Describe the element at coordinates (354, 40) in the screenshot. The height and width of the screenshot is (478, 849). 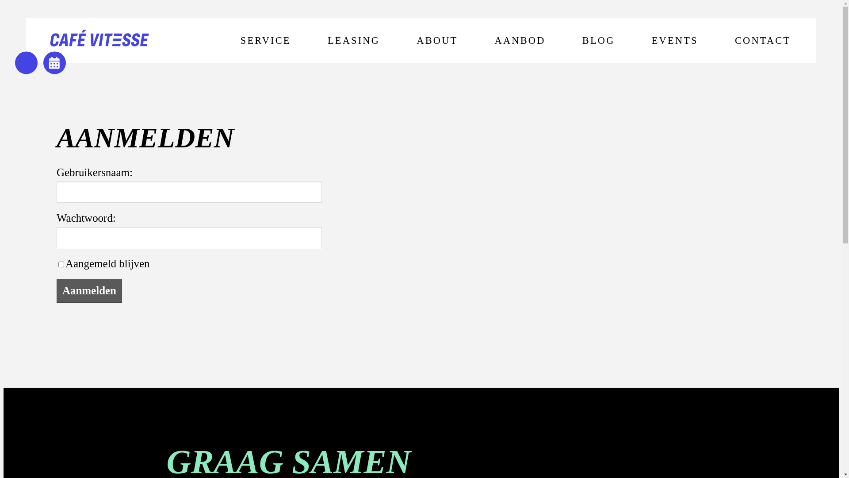
I see `'LEASING'` at that location.